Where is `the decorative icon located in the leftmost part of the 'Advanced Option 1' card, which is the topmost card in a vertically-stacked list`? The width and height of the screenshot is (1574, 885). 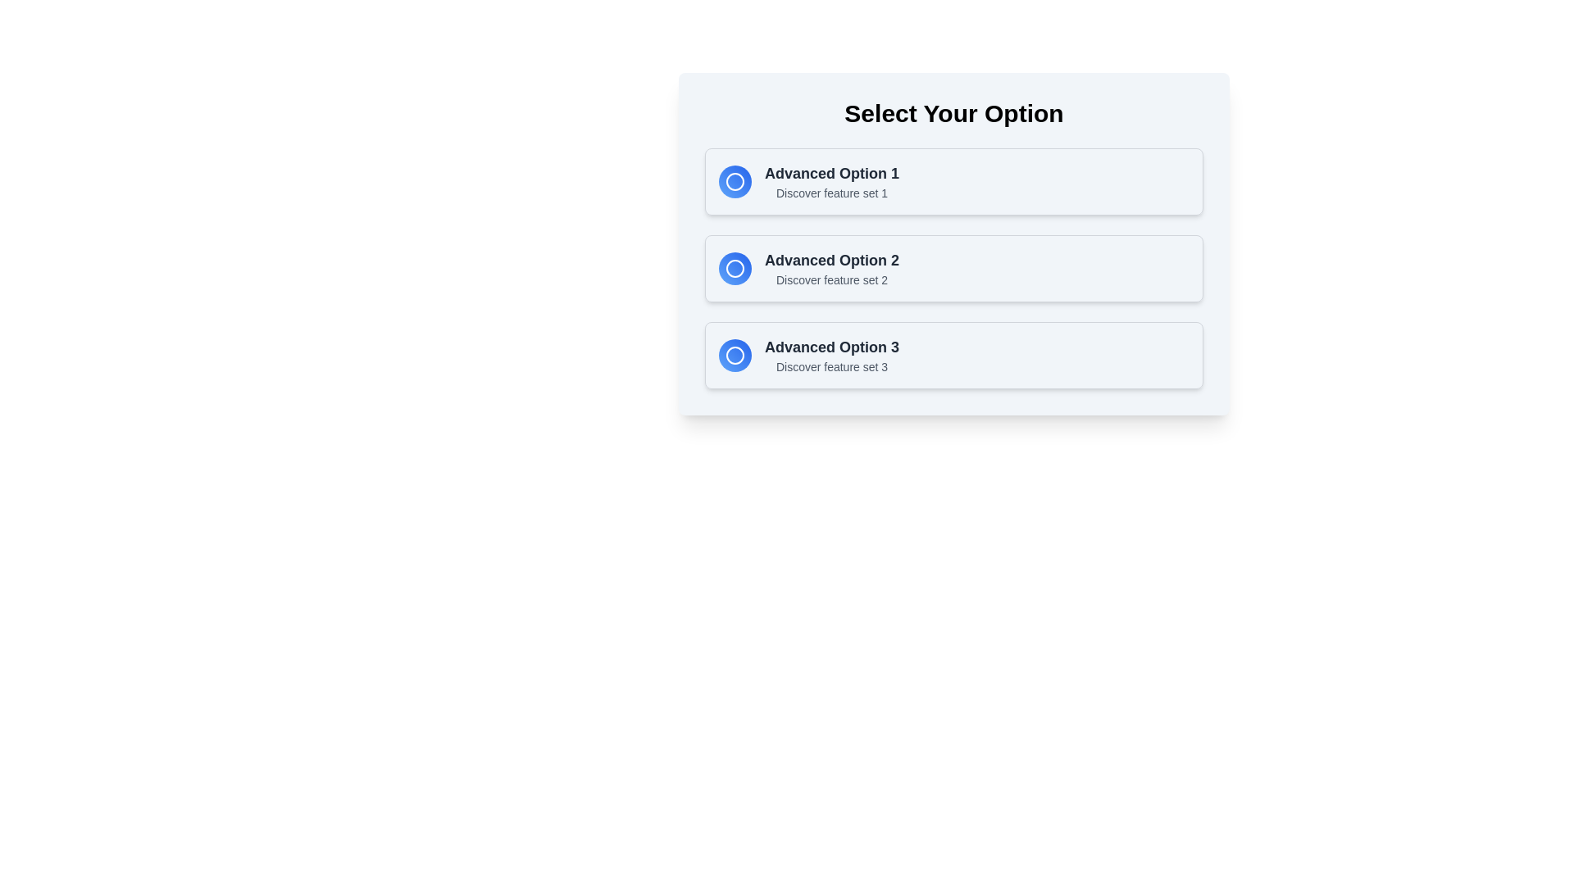 the decorative icon located in the leftmost part of the 'Advanced Option 1' card, which is the topmost card in a vertically-stacked list is located at coordinates (735, 182).